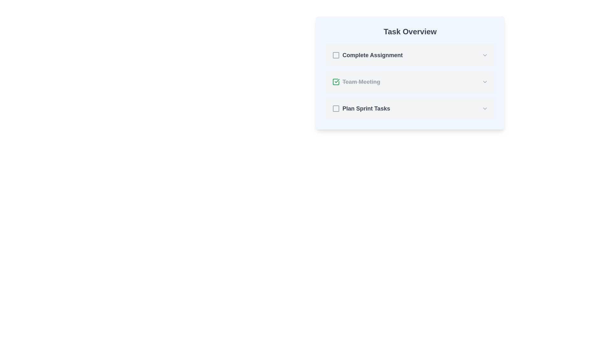 Image resolution: width=611 pixels, height=343 pixels. What do you see at coordinates (484, 55) in the screenshot?
I see `the Dropdown icon (chevron) located in the top-right corner of the 'Complete Assignment' row in the 'Task Overview' section for visual feedback` at bounding box center [484, 55].